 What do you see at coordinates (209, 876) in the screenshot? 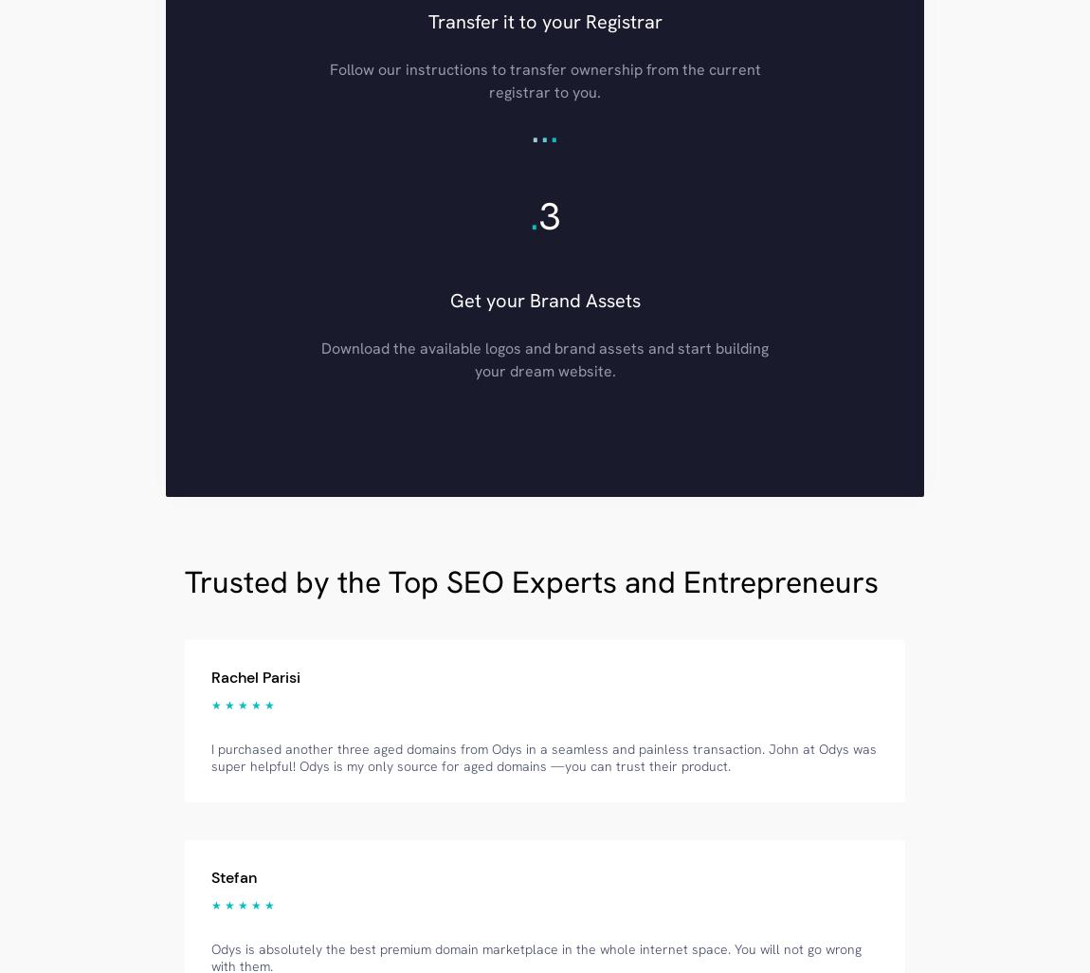
I see `'Stefan'` at bounding box center [209, 876].